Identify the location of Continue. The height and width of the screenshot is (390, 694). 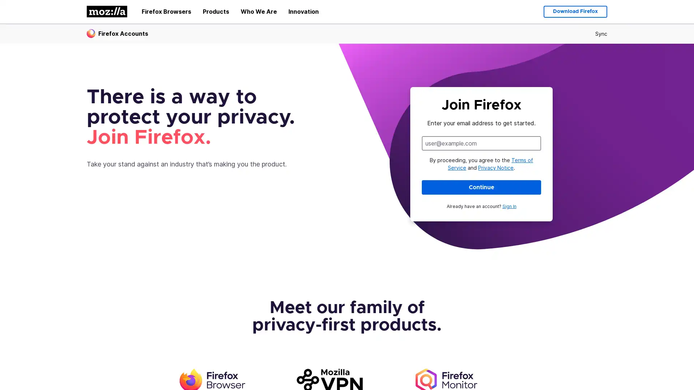
(481, 186).